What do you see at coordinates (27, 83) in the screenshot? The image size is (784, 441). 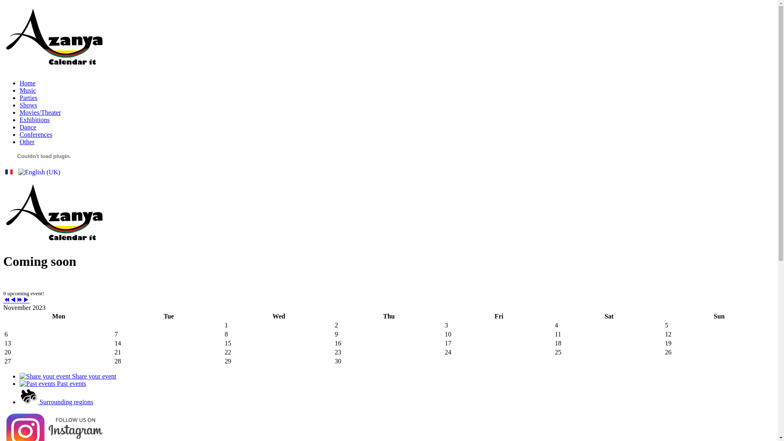 I see `'Home'` at bounding box center [27, 83].